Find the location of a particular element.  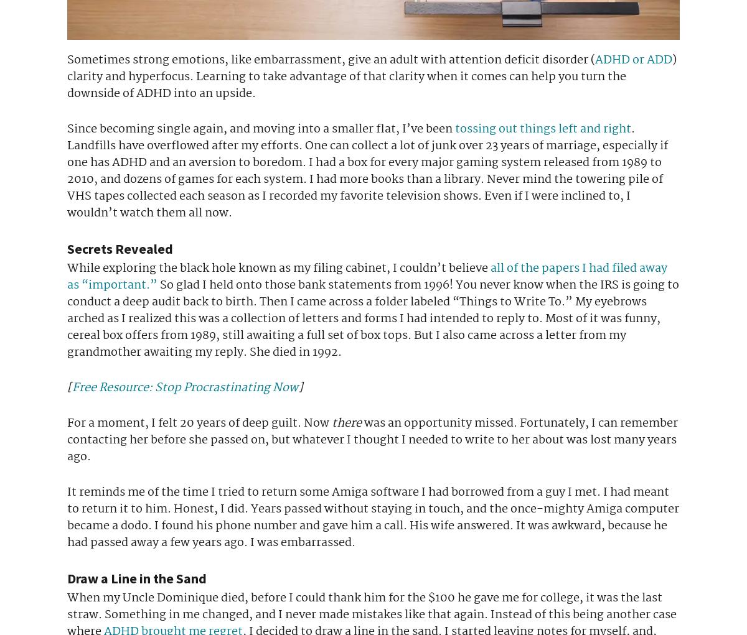

'tossing out things left and right' is located at coordinates (542, 129).